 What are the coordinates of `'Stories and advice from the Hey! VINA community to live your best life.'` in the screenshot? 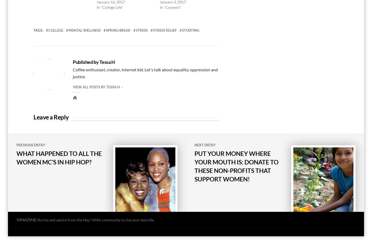 It's located at (96, 220).